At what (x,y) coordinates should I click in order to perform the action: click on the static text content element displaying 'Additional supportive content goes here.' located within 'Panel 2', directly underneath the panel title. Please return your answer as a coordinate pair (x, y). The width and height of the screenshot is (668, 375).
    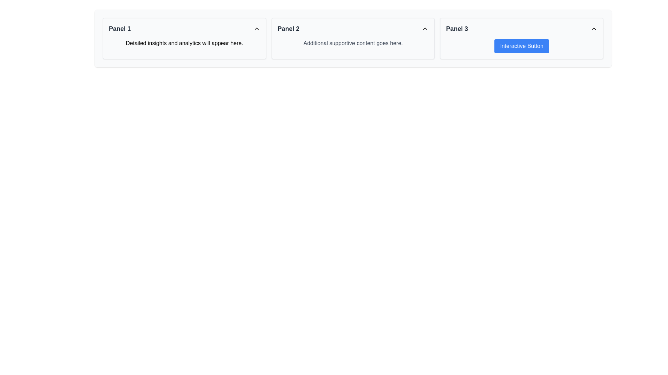
    Looking at the image, I should click on (353, 43).